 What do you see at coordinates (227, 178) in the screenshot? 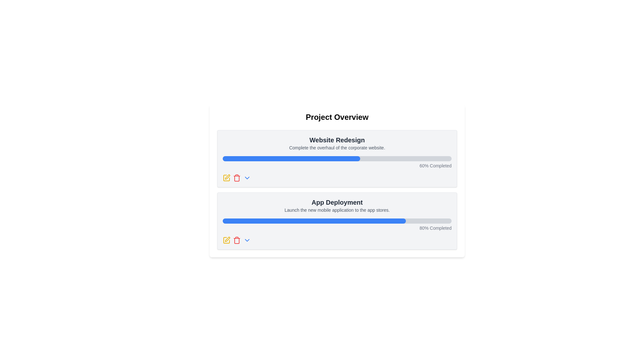
I see `the edit tool icon button located in the 'Website Redesign' task section for further actions` at bounding box center [227, 178].